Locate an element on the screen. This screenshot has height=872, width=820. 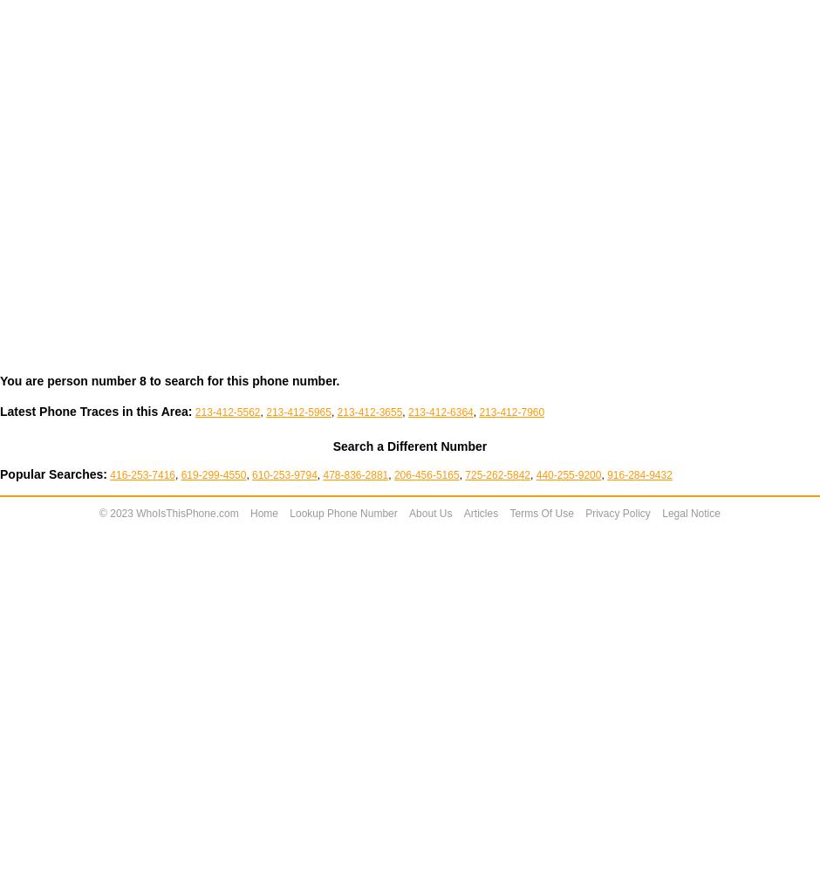
'Legal Notice' is located at coordinates (691, 513).